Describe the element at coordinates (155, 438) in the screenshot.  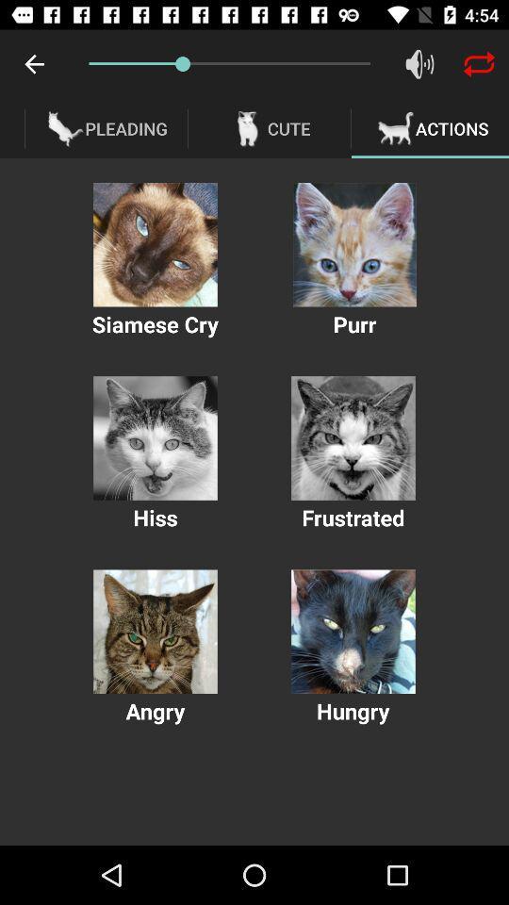
I see `the hiss action` at that location.